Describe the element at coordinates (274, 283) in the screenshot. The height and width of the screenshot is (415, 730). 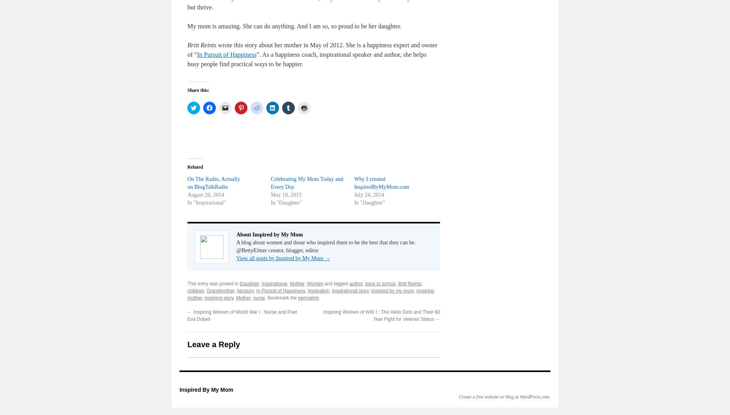
I see `'Inspirational'` at that location.